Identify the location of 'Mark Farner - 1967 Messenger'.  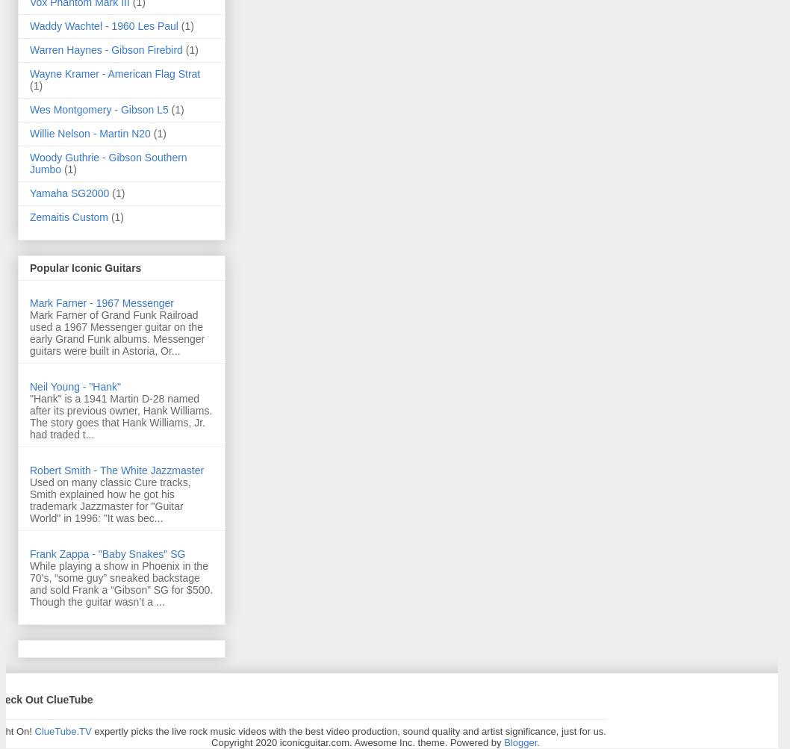
(100, 302).